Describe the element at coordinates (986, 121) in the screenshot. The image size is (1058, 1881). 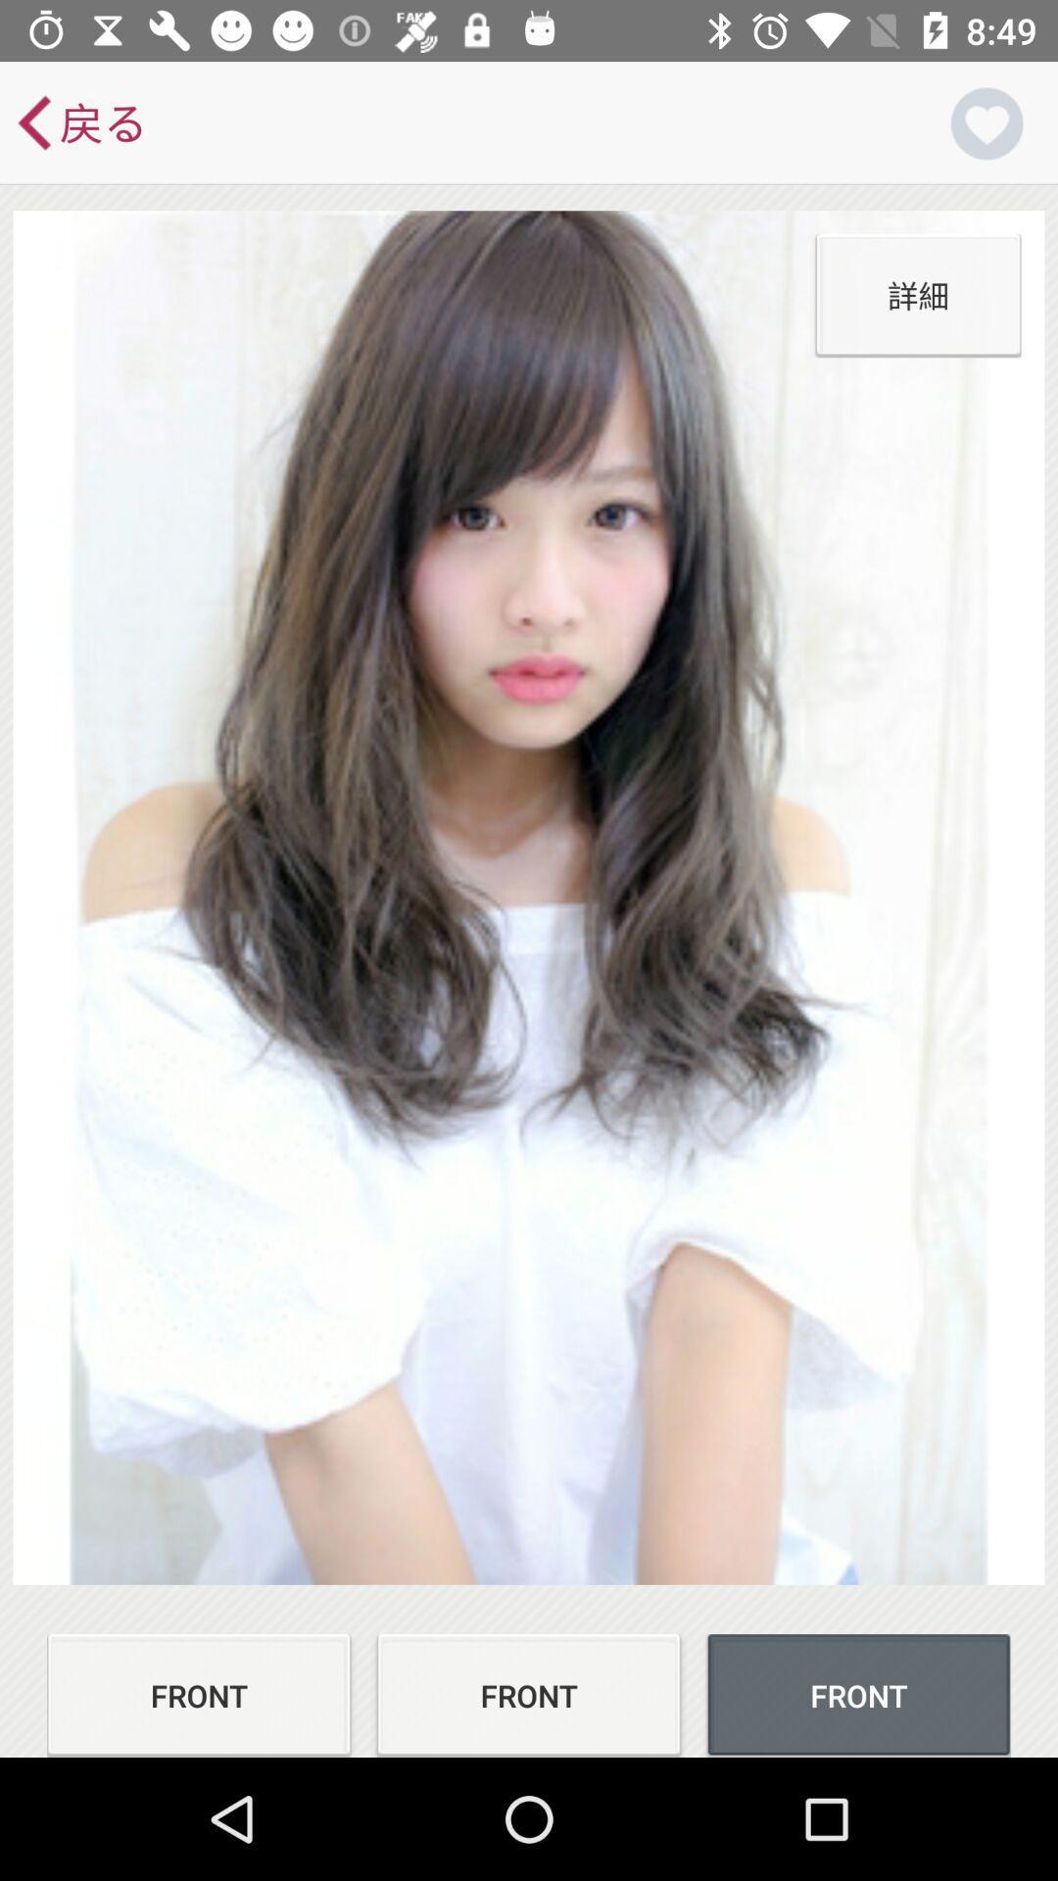
I see `the favorite icon` at that location.